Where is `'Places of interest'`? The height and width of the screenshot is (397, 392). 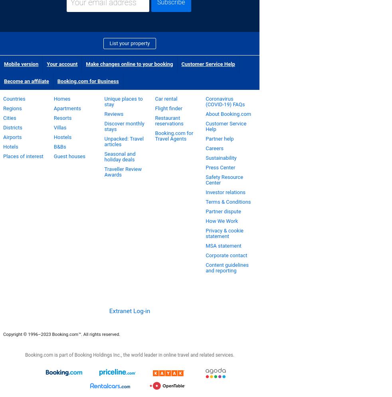 'Places of interest' is located at coordinates (23, 156).